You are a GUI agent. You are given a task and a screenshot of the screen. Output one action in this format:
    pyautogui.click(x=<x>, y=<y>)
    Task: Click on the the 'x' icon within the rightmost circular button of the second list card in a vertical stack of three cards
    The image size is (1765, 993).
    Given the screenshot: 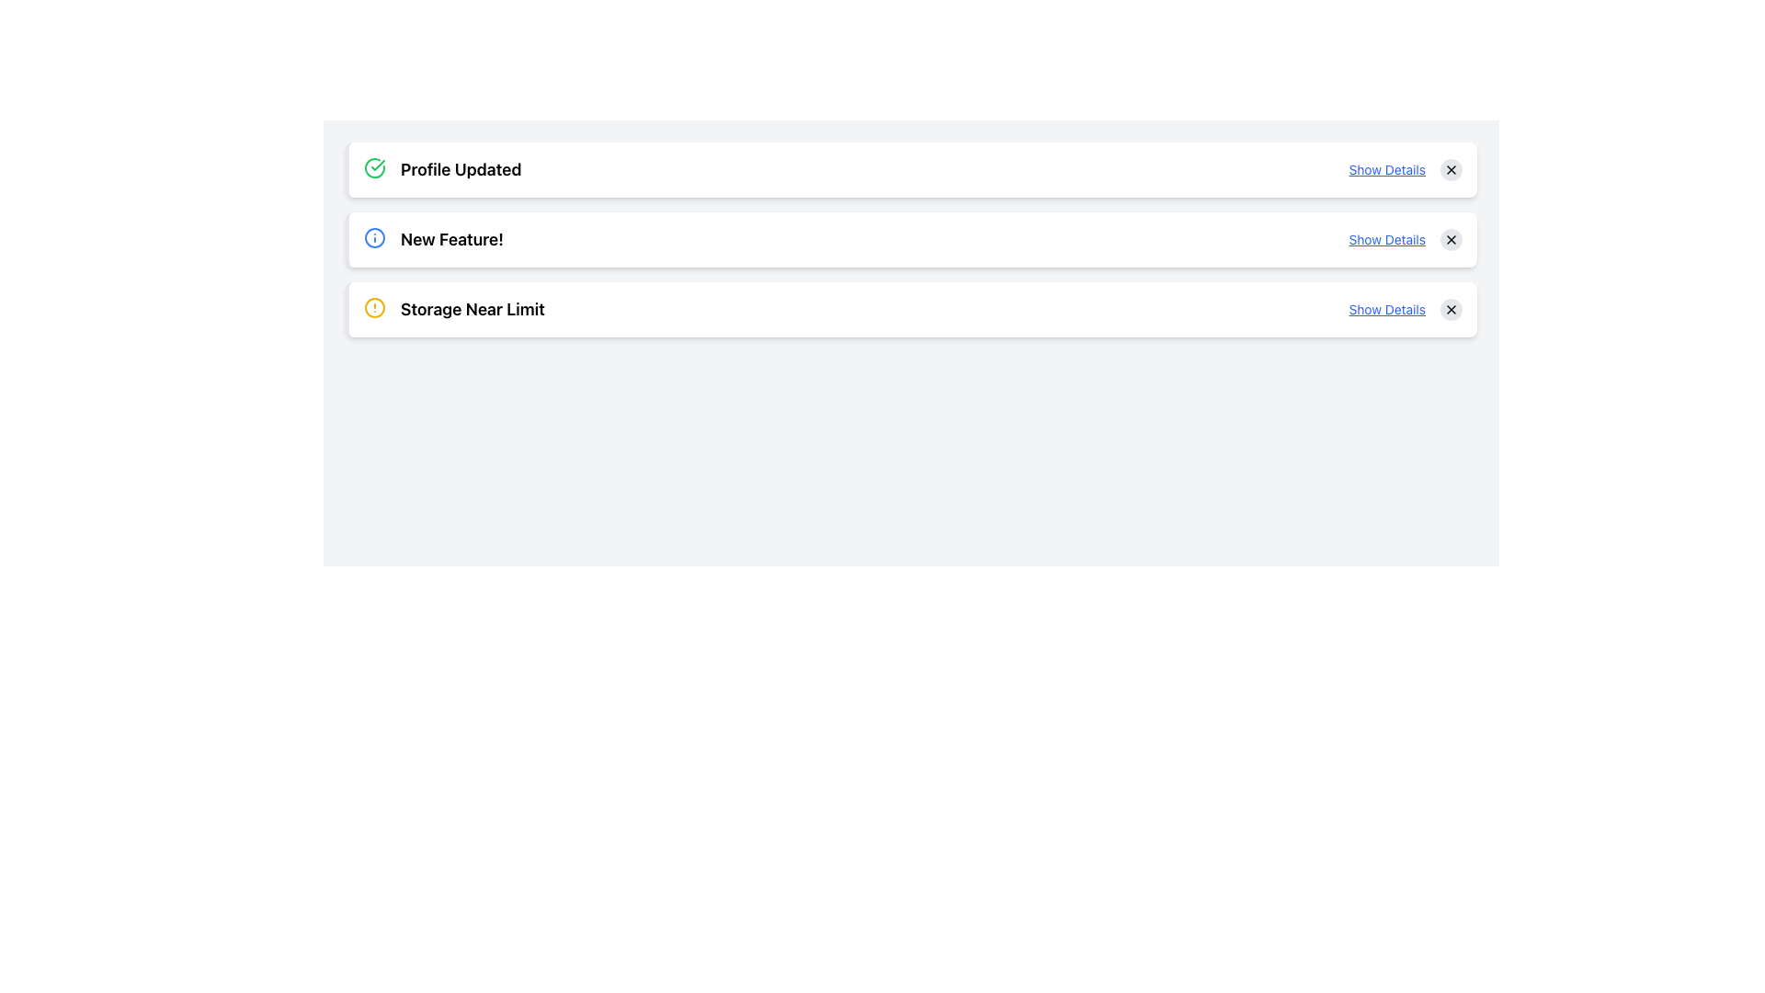 What is the action you would take?
    pyautogui.click(x=1451, y=239)
    